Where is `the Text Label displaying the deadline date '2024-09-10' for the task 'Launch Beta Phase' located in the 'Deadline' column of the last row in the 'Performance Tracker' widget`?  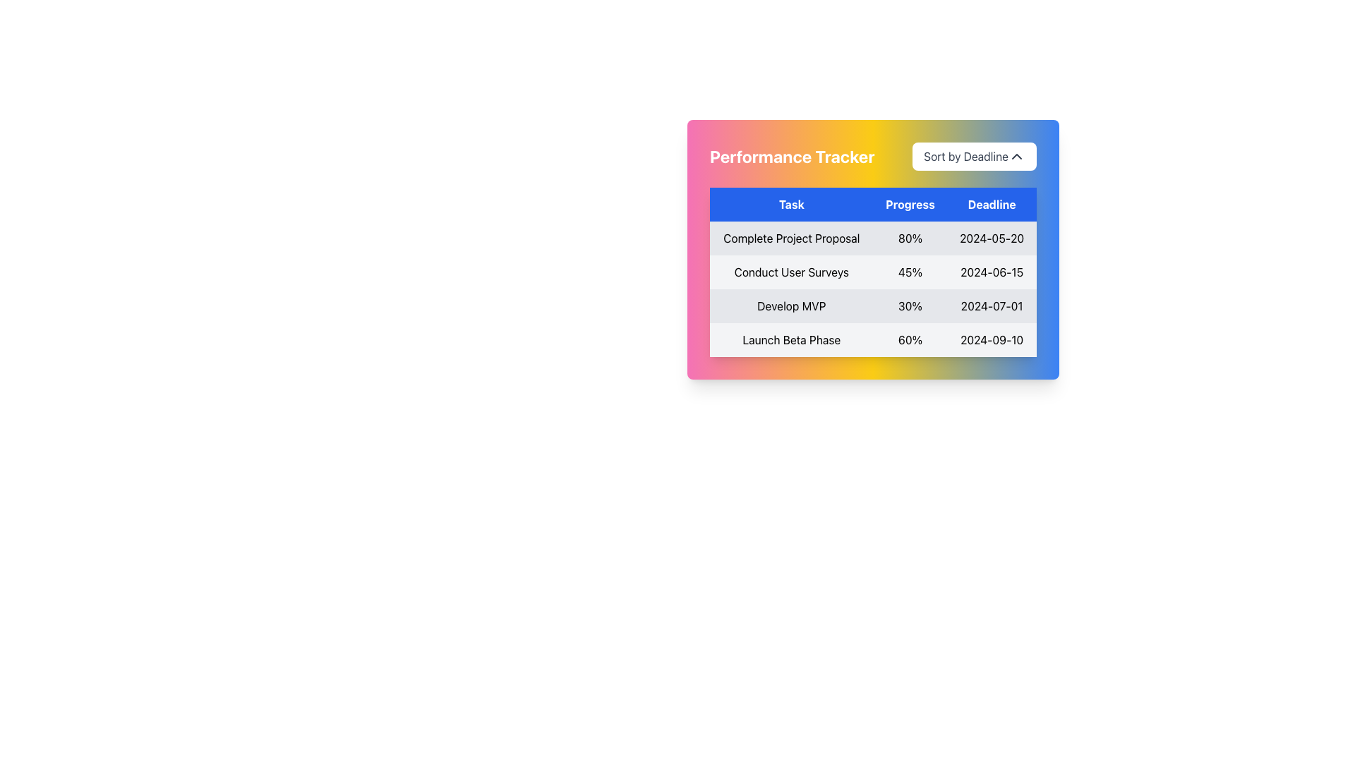 the Text Label displaying the deadline date '2024-09-10' for the task 'Launch Beta Phase' located in the 'Deadline' column of the last row in the 'Performance Tracker' widget is located at coordinates (991, 340).